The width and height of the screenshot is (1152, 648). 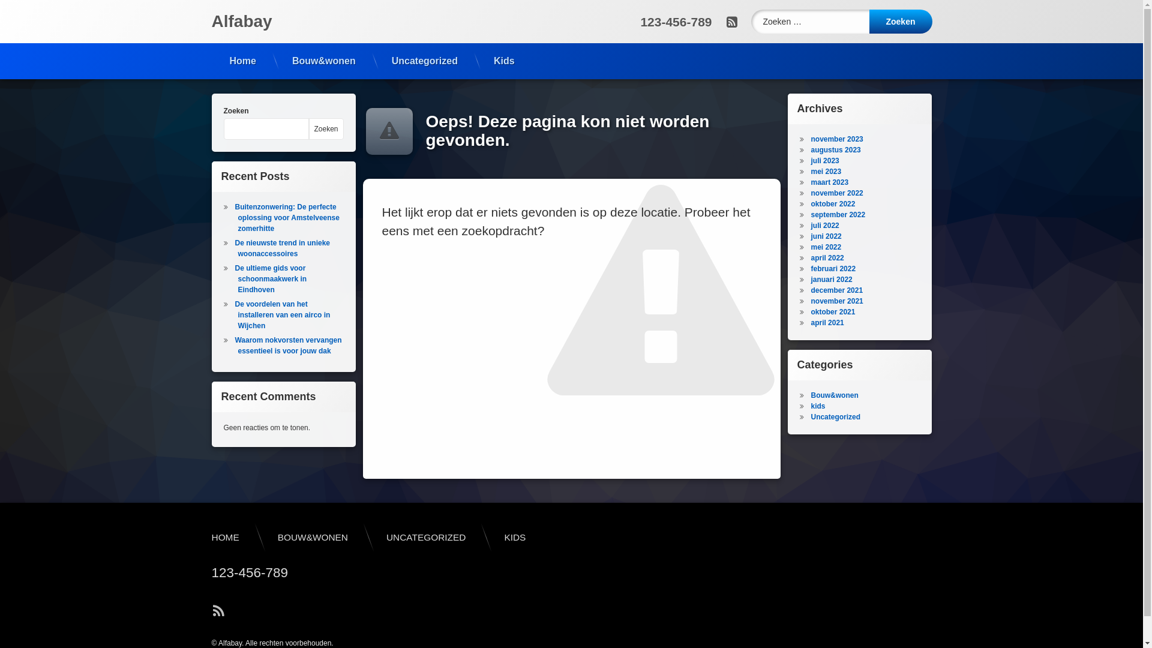 What do you see at coordinates (824, 160) in the screenshot?
I see `'juli 2023'` at bounding box center [824, 160].